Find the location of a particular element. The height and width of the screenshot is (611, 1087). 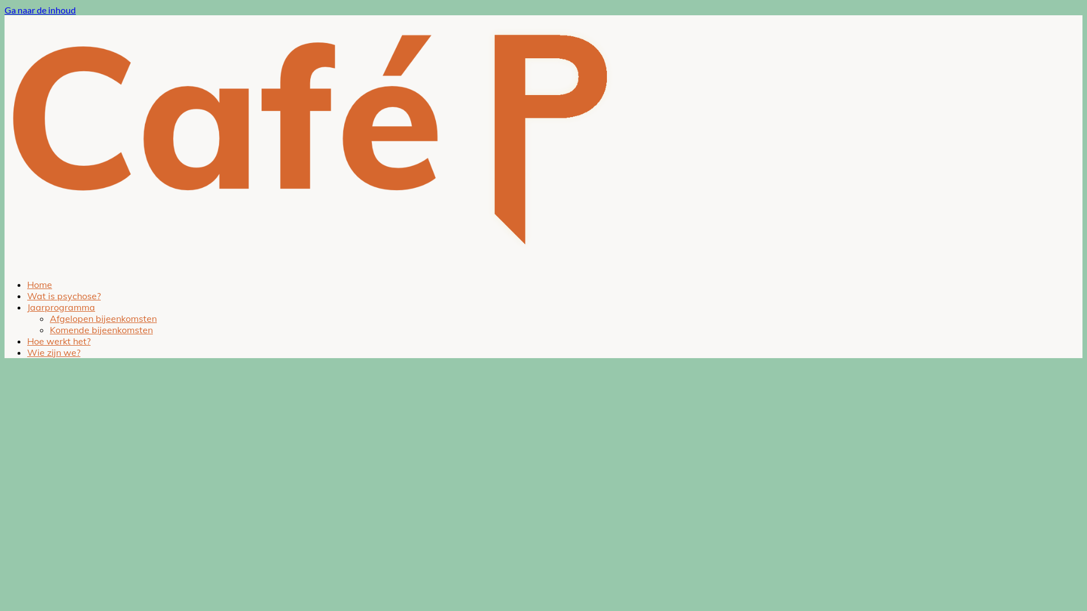

'Cafe P' is located at coordinates (5, 264).